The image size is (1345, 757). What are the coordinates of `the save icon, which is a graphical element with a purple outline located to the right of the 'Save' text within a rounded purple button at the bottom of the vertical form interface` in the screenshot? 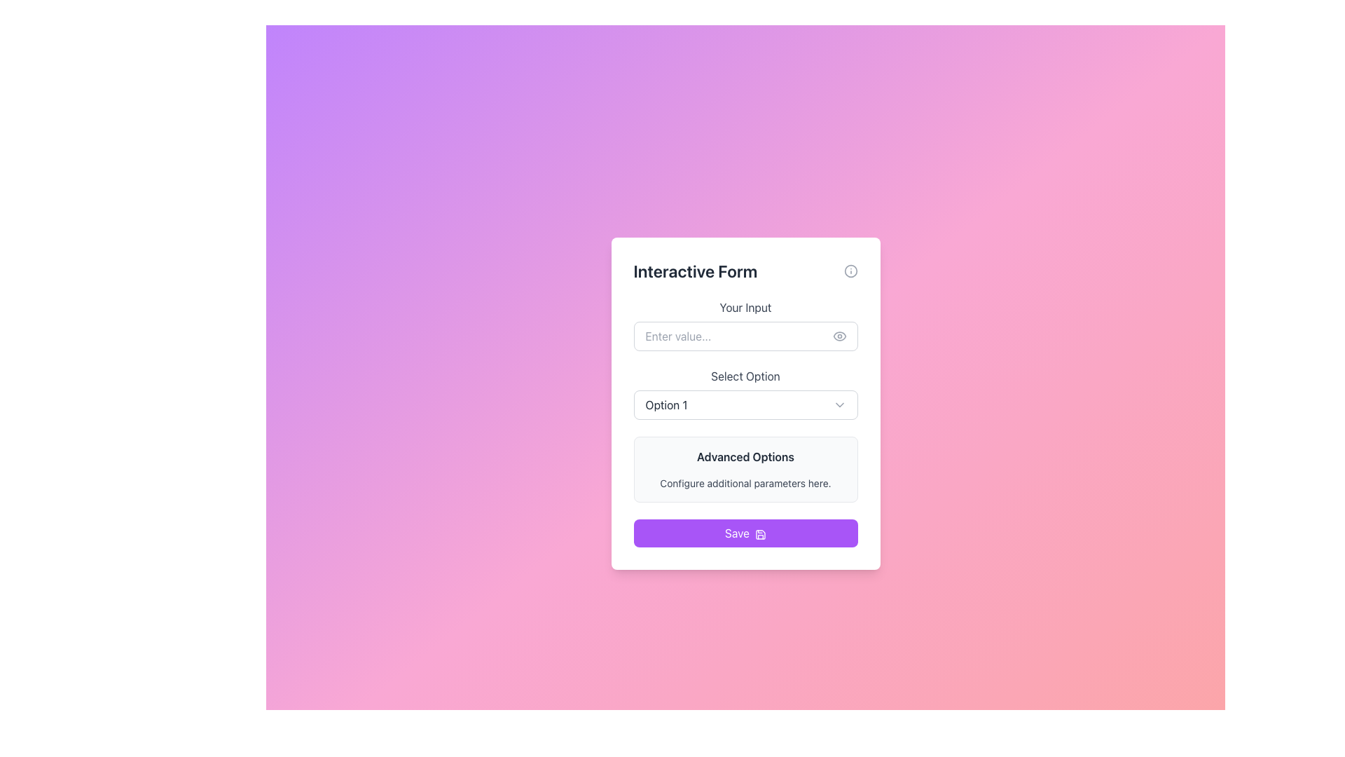 It's located at (759, 534).